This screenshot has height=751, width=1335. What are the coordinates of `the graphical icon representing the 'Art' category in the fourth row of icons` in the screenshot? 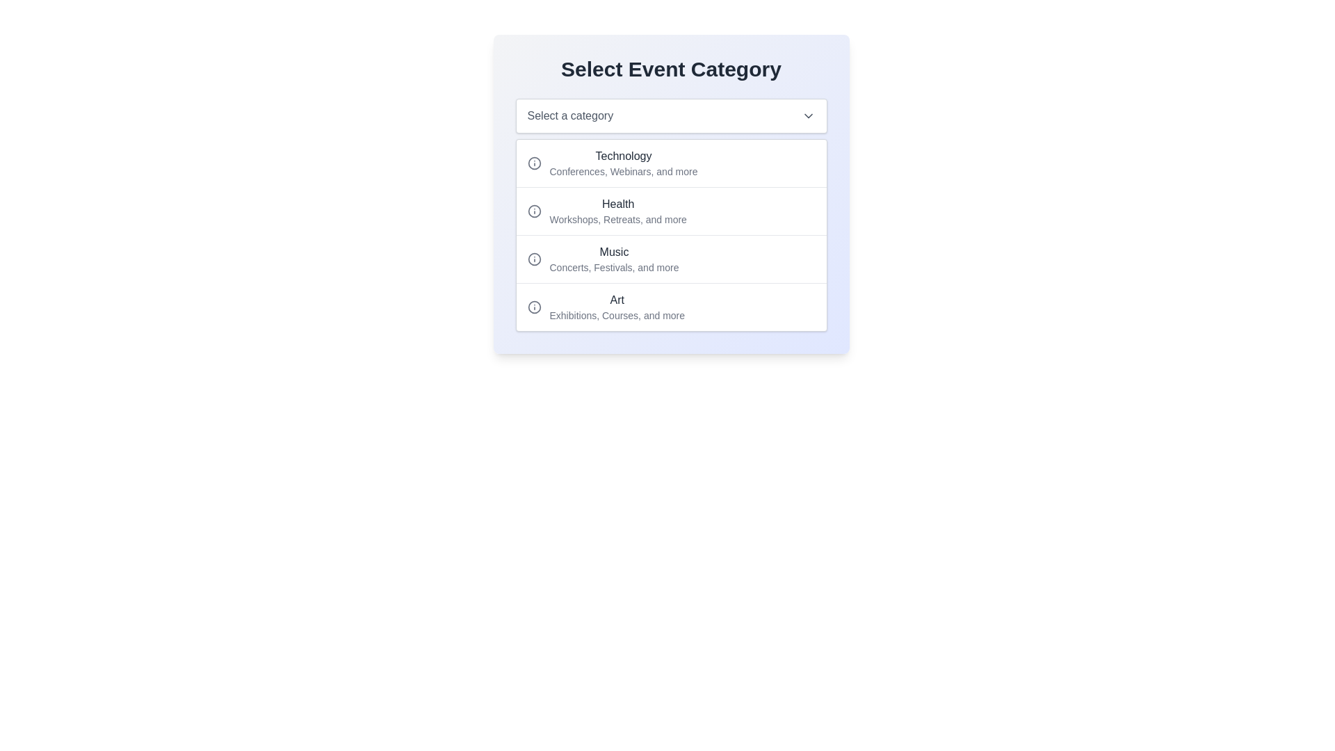 It's located at (533, 307).